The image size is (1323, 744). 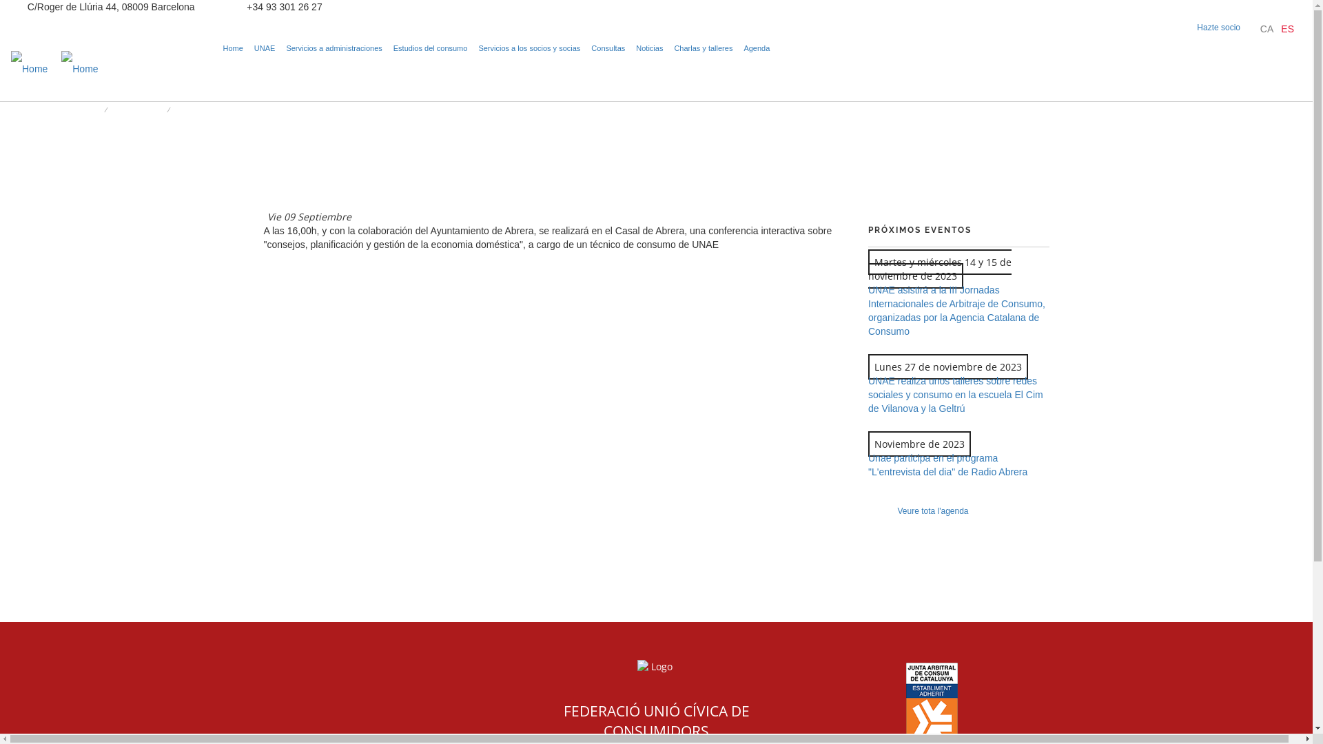 What do you see at coordinates (1280, 29) in the screenshot?
I see `'ES'` at bounding box center [1280, 29].